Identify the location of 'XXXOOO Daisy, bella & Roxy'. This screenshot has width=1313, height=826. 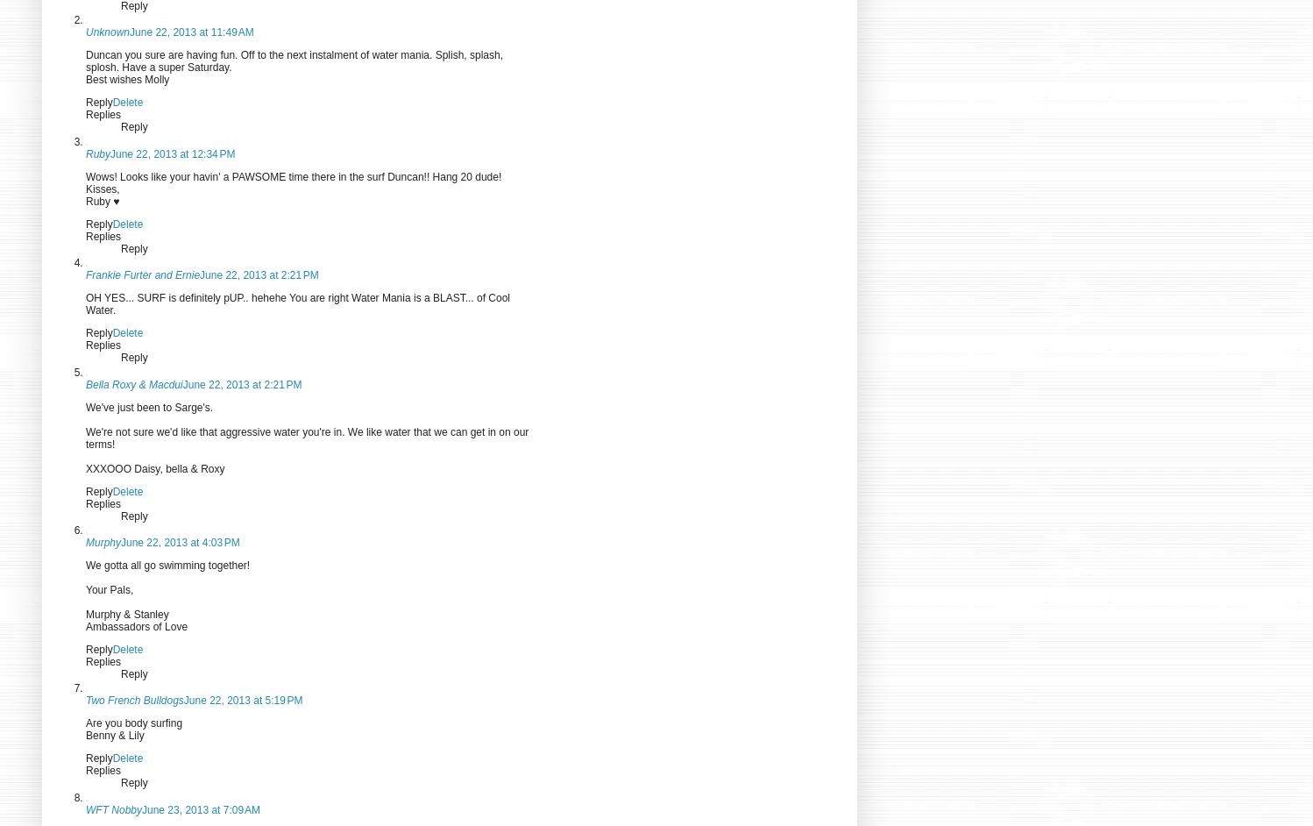
(154, 467).